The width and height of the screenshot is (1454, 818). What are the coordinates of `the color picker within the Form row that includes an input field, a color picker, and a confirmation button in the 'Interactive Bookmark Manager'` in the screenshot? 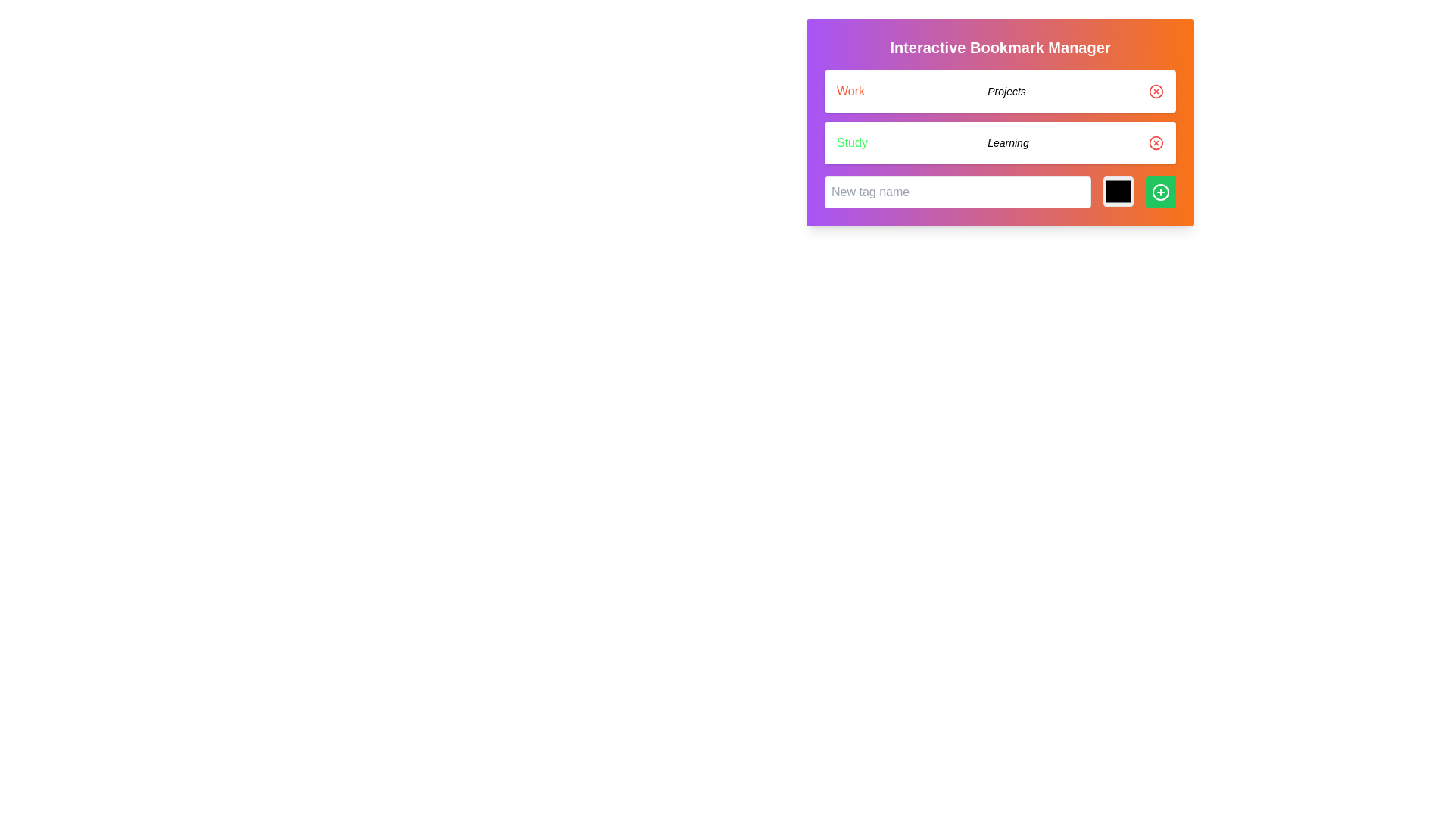 It's located at (1000, 192).